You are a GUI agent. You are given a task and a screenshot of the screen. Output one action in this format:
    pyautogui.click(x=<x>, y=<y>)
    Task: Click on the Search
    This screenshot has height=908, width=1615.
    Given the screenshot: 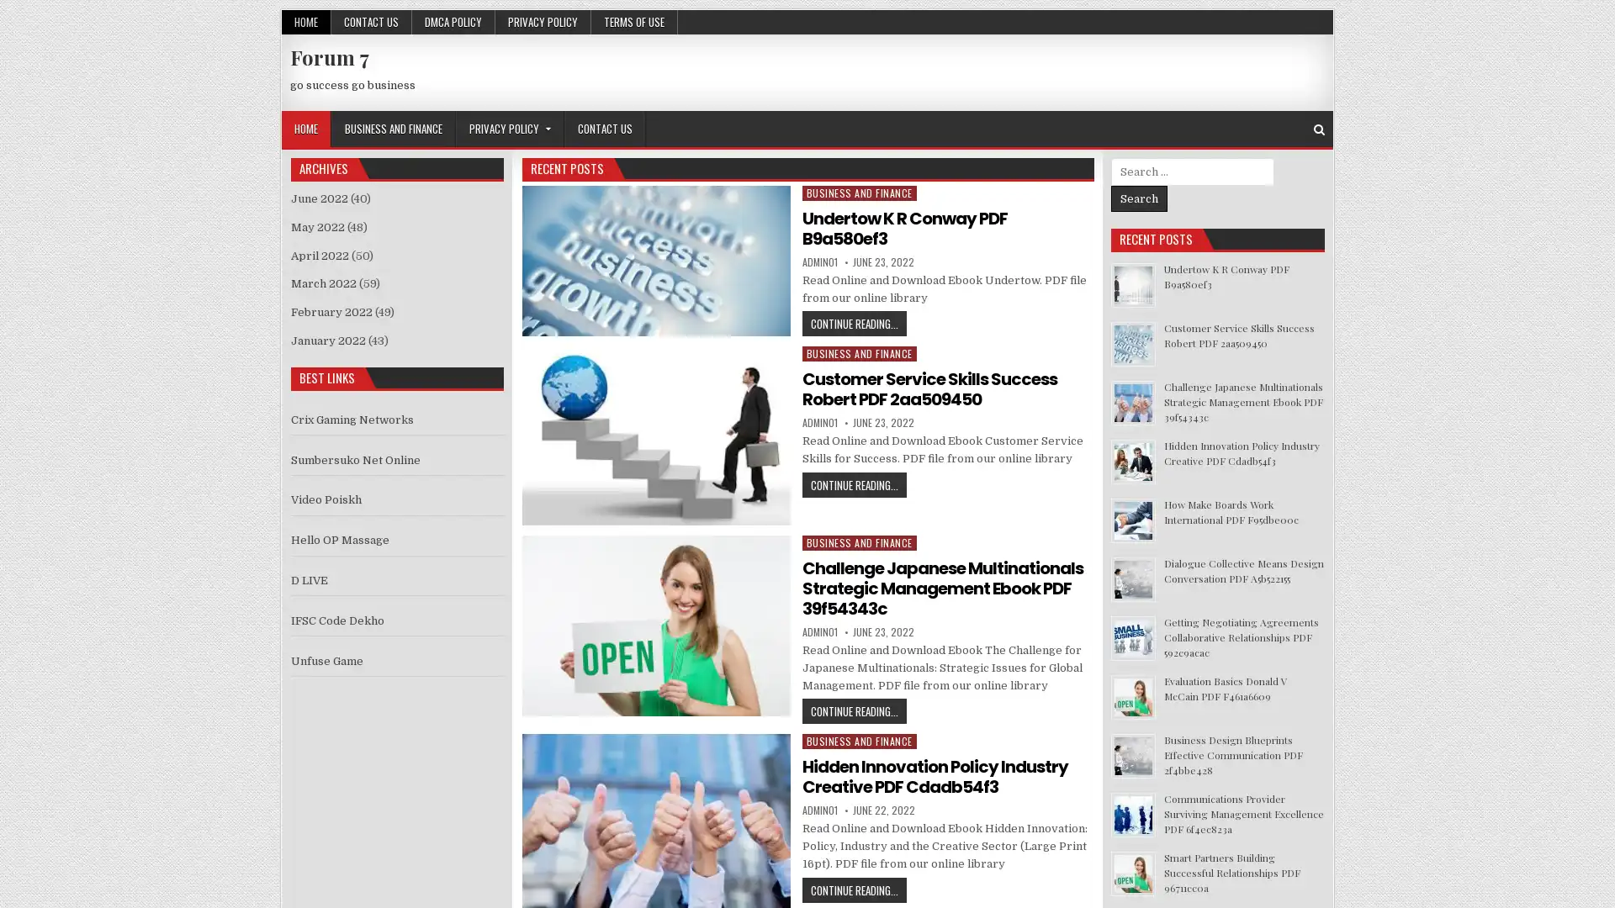 What is the action you would take?
    pyautogui.click(x=1139, y=198)
    